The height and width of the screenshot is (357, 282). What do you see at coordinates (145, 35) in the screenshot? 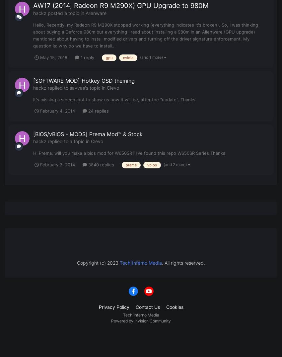
I see `'Hello,
 


	 
 


	Recently, my Radeon R9 M290X stopped working (everything indicates it's broken). So, I was thinking about buying a Geforce 980m but everything I read about installing a 980m in an Alienware (GPU upgrade) mentioned about having to install modified drivers and turning off the driver signature enforcement.
 


	 
 


	My question is:
 


		why do we have to install...'` at bounding box center [145, 35].